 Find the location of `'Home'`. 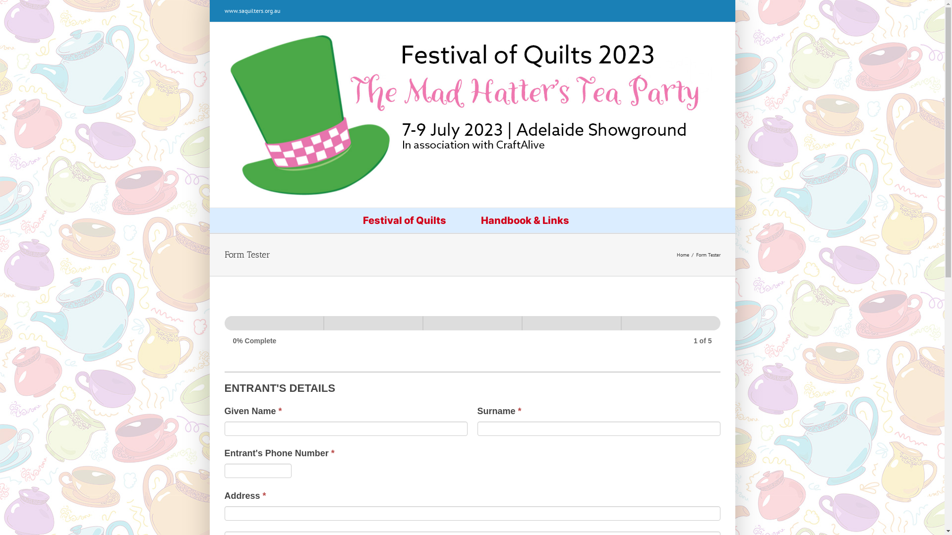

'Home' is located at coordinates (682, 254).